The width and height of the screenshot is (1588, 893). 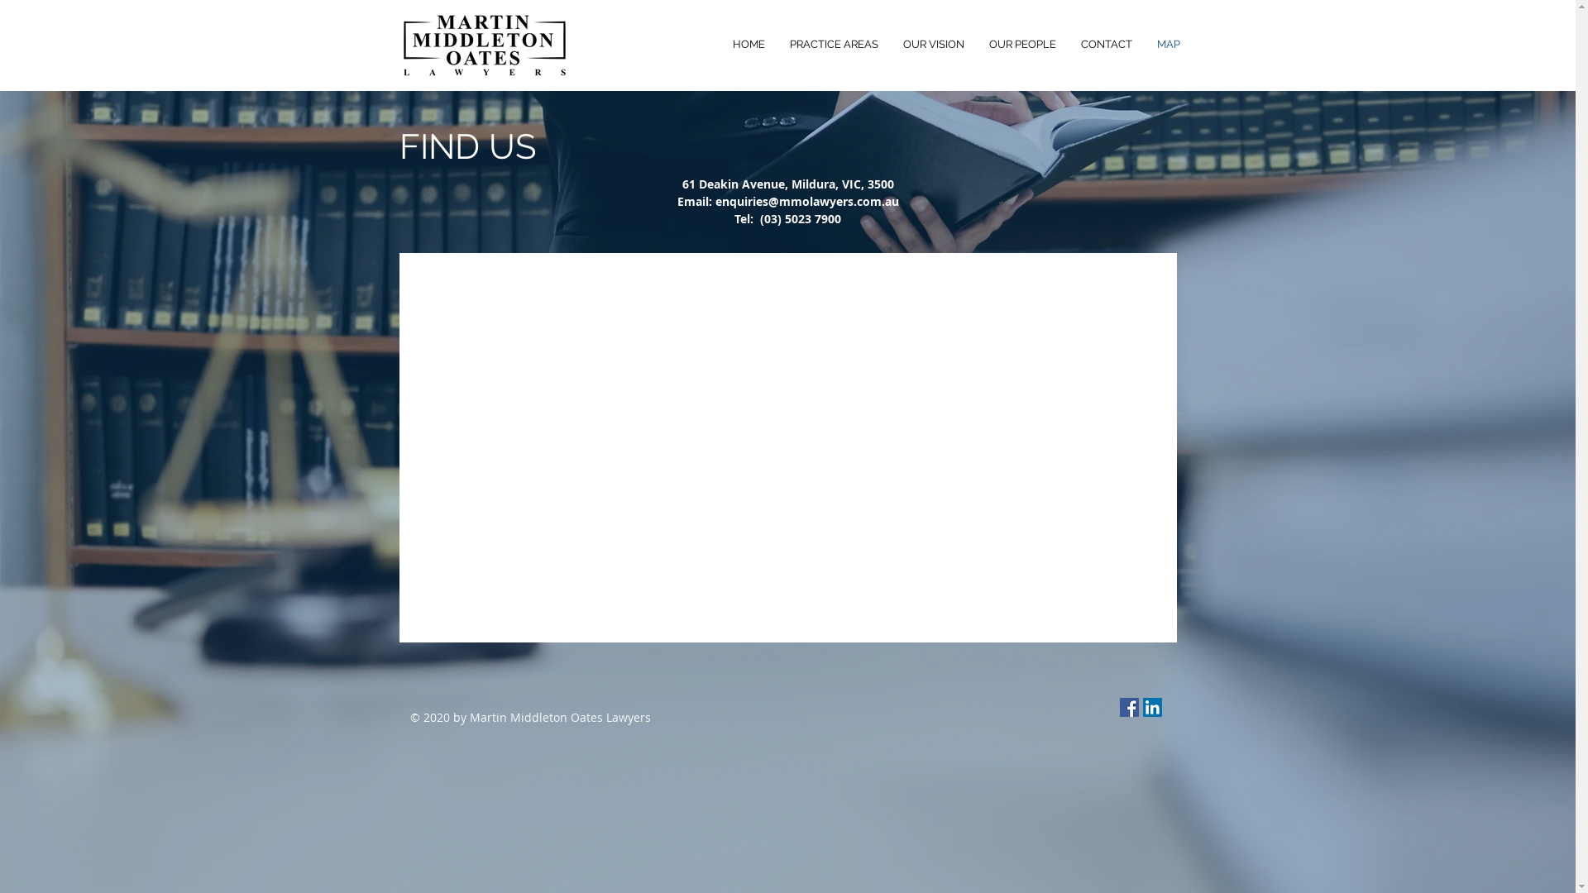 I want to click on 'OUR VISION', so click(x=888, y=44).